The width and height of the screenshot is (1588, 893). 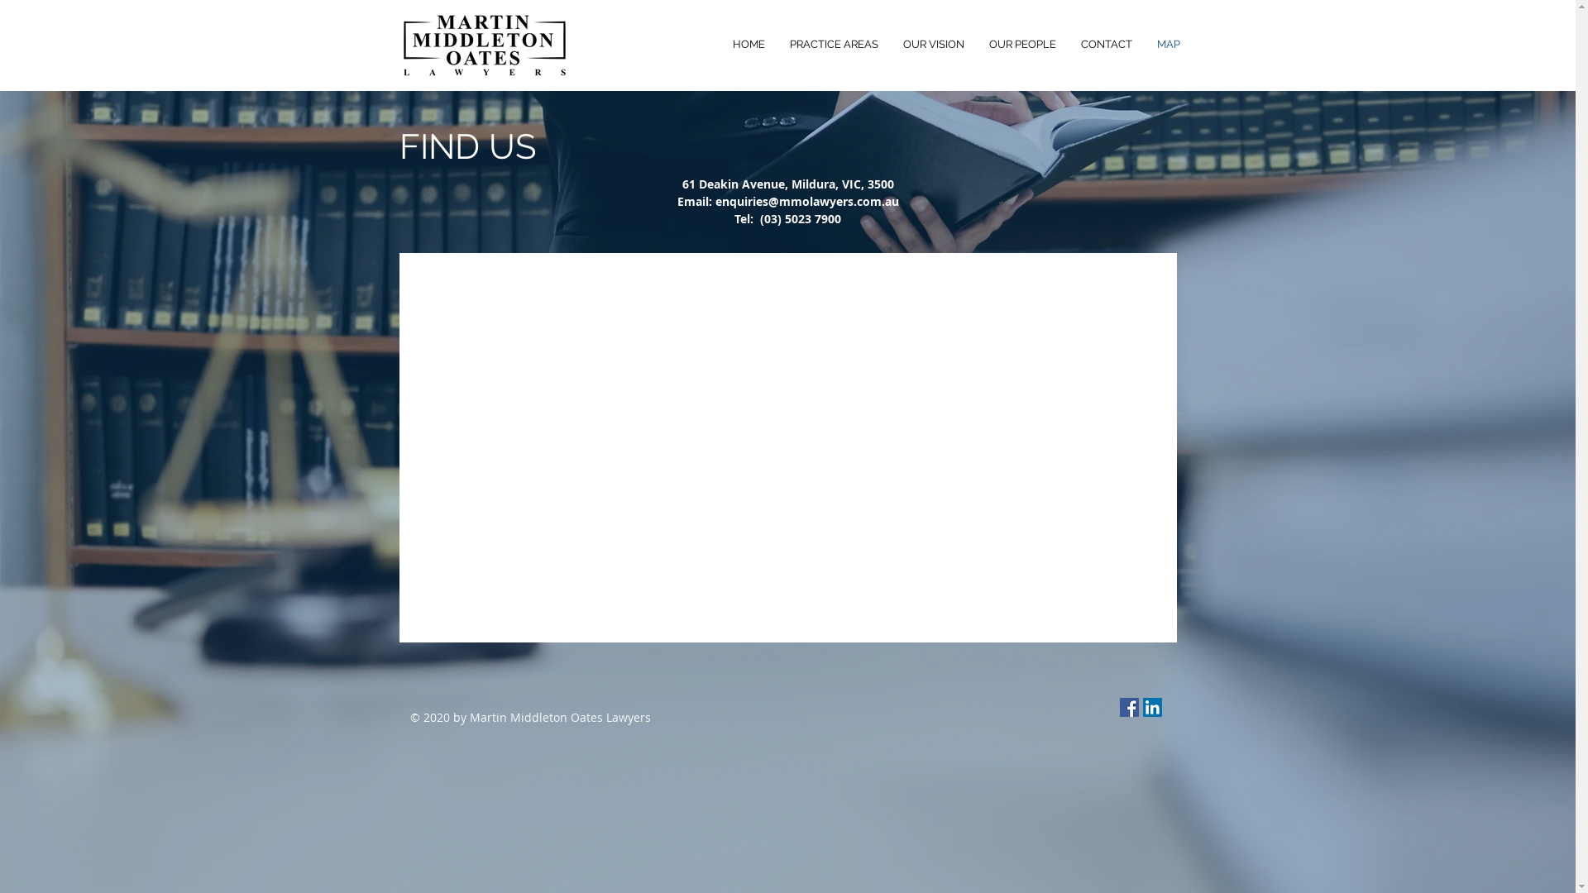 I want to click on 'OUR VISION', so click(x=888, y=44).